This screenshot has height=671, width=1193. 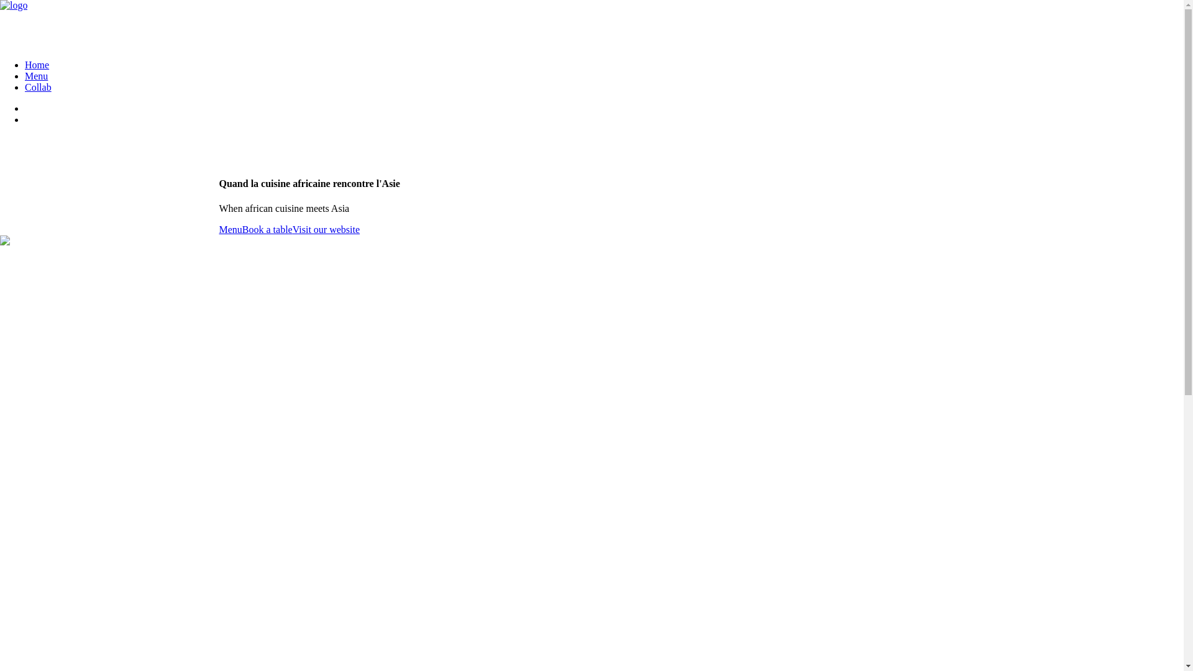 What do you see at coordinates (38, 86) in the screenshot?
I see `'Collab'` at bounding box center [38, 86].